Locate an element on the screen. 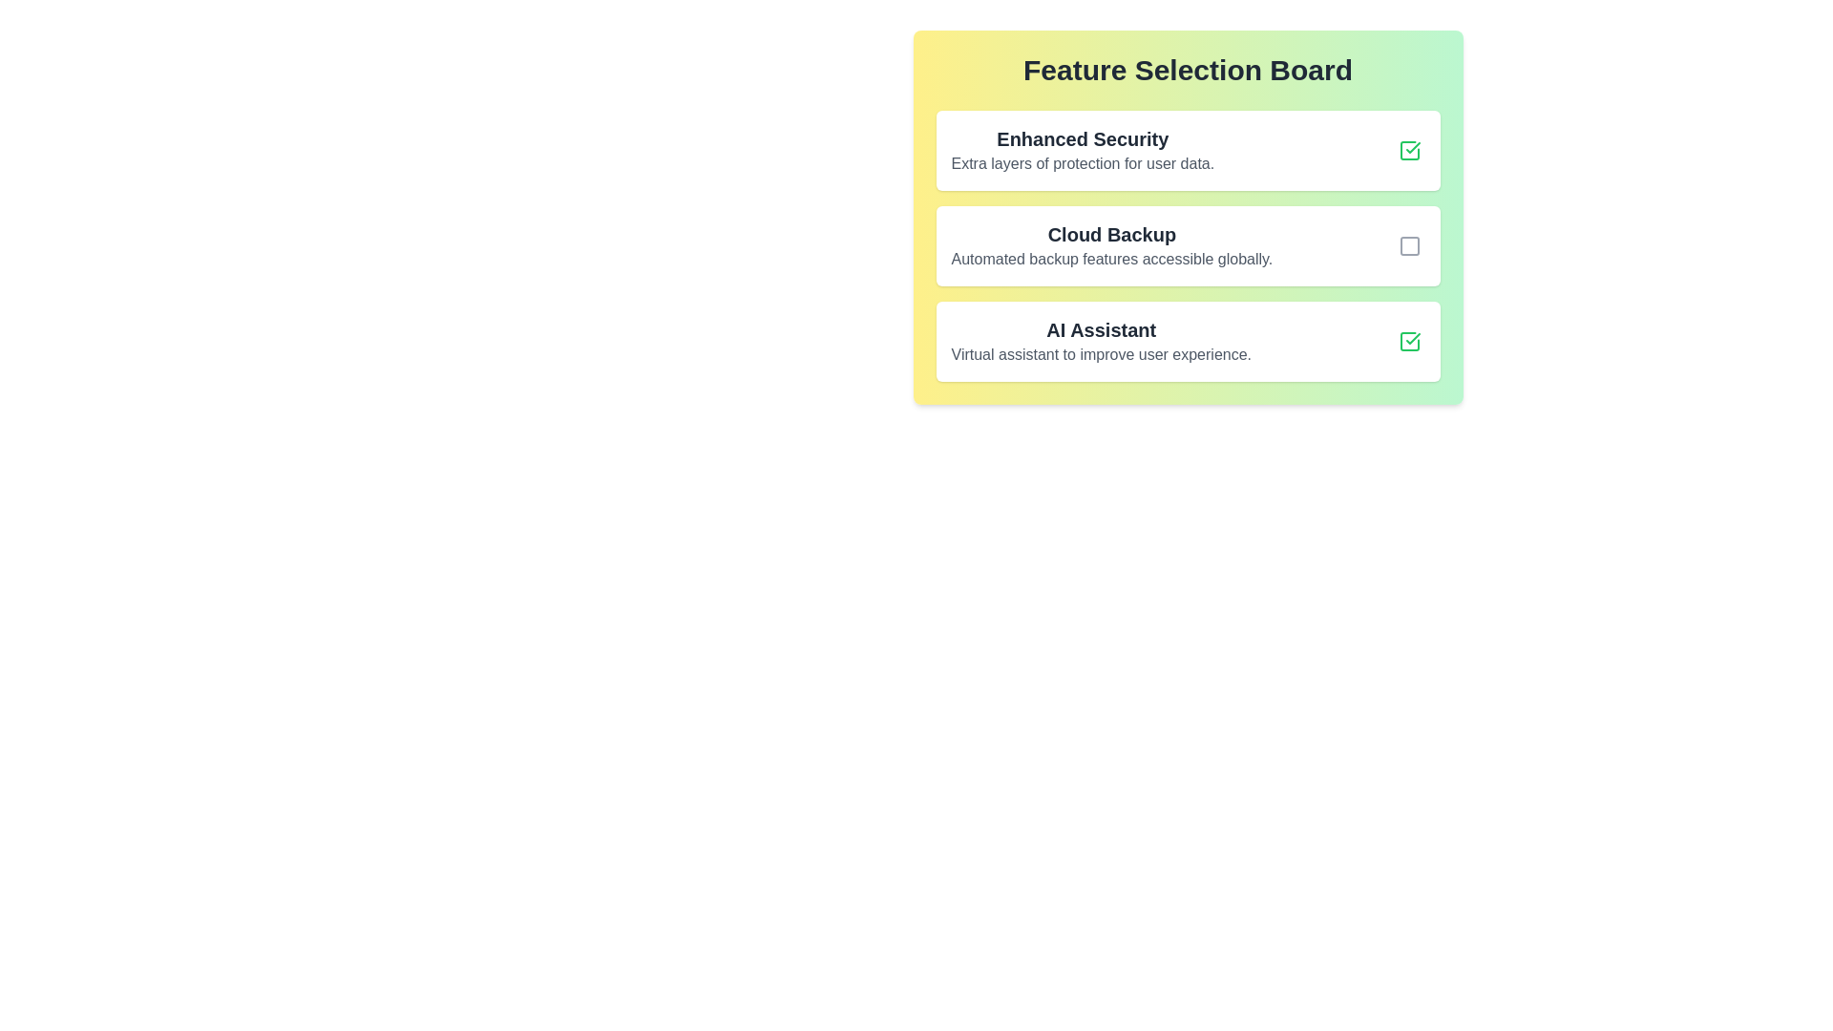  the green checkmark icon inside the square outline located adjacent to the 'Enhanced Security' text label in the Feature Selection Board is located at coordinates (1409, 150).